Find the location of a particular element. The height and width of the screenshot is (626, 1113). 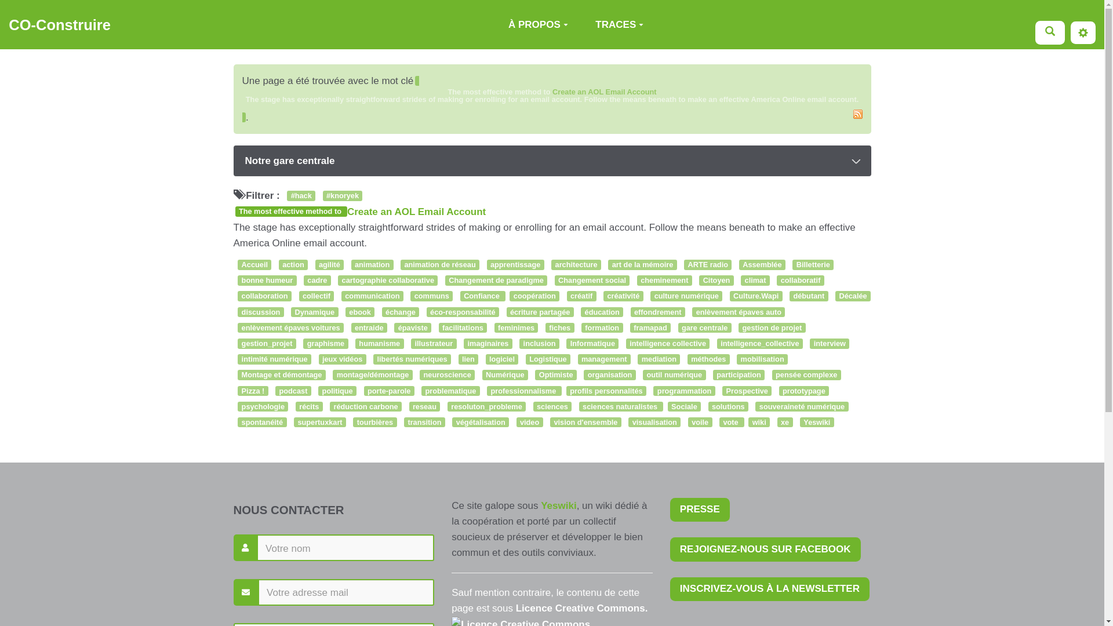

'Accueil' is located at coordinates (253, 264).